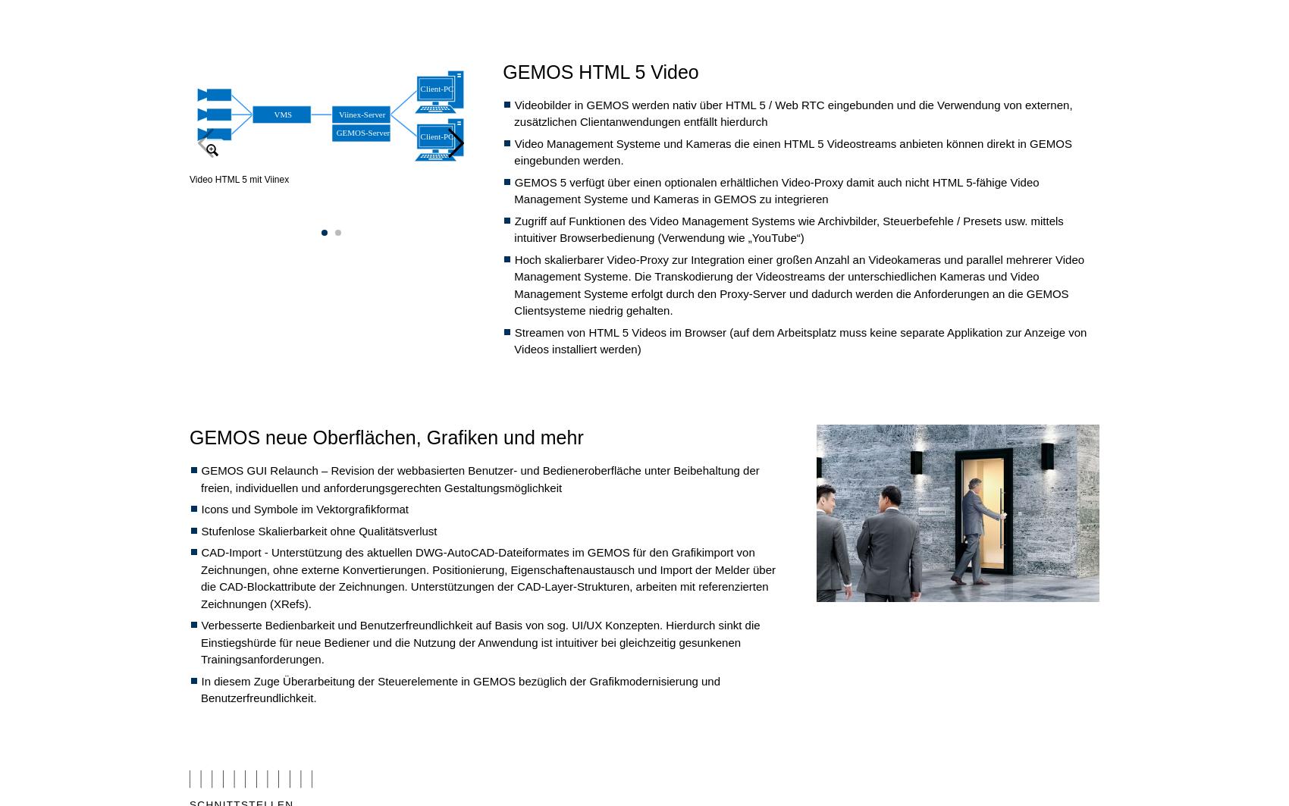  I want to click on 'GEMOS neue Oberflächen, Grafiken und mehr', so click(386, 436).